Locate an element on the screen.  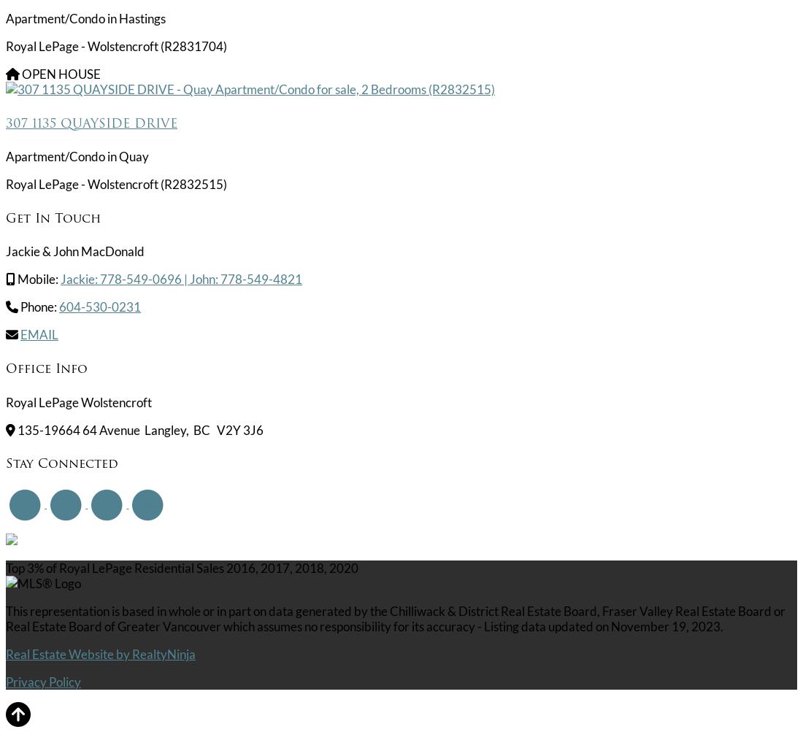
'Top 3% of Royal LePage Residential Sales 2016, 2017, 2018, 2020' is located at coordinates (182, 567).